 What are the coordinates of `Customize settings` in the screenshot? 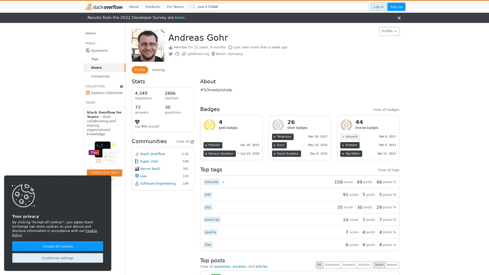 It's located at (58, 258).